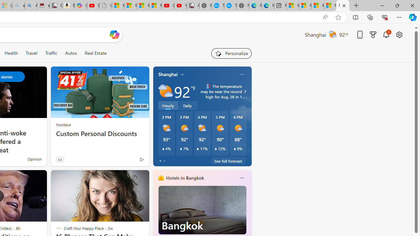 The image size is (420, 236). What do you see at coordinates (105, 6) in the screenshot?
I see `'Untitled'` at bounding box center [105, 6].